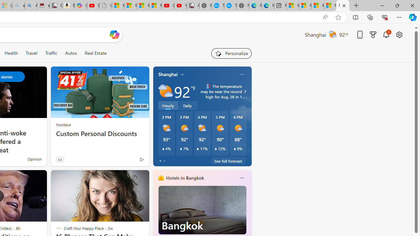 The image size is (420, 236). What do you see at coordinates (105, 6) in the screenshot?
I see `'Untitled'` at bounding box center [105, 6].